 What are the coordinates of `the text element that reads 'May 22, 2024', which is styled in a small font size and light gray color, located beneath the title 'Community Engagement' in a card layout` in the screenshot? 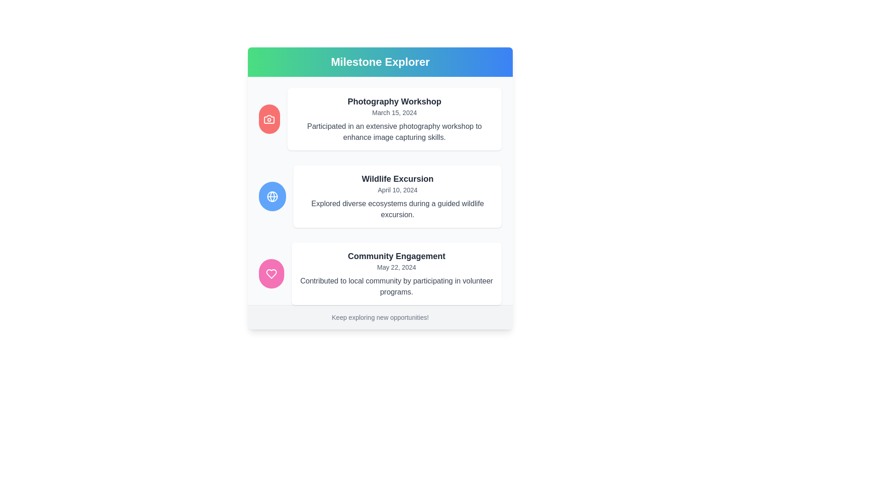 It's located at (396, 267).